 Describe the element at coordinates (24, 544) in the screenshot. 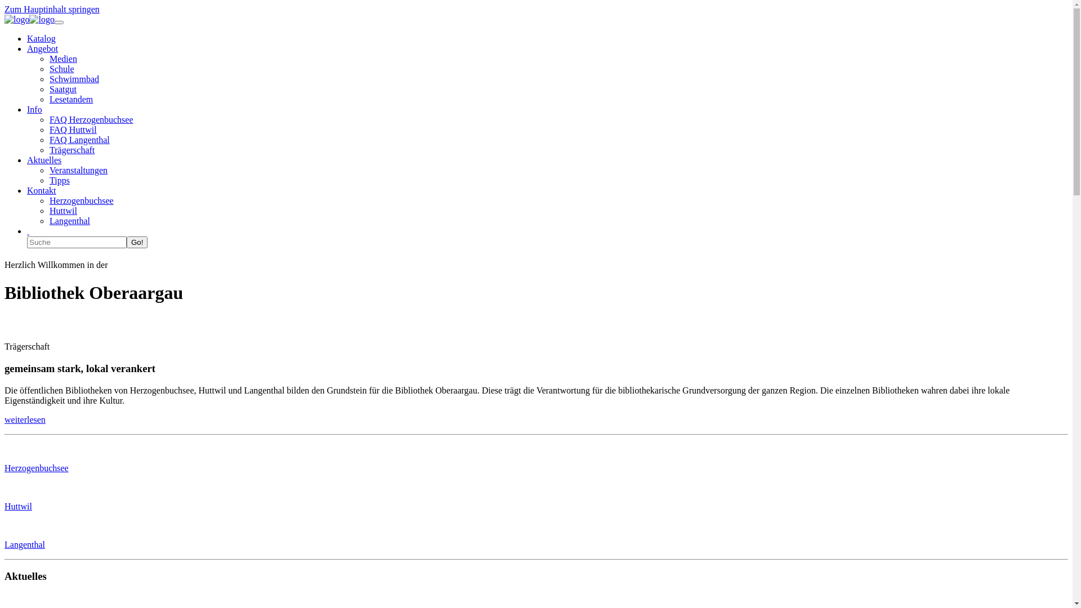

I see `'Langenthal'` at that location.